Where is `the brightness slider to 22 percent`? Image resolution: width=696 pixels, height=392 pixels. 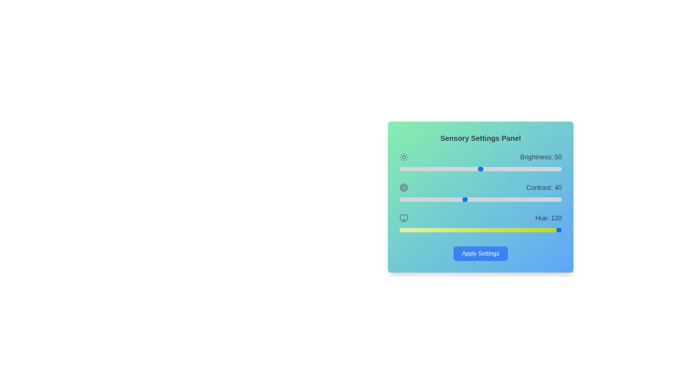
the brightness slider to 22 percent is located at coordinates (435, 169).